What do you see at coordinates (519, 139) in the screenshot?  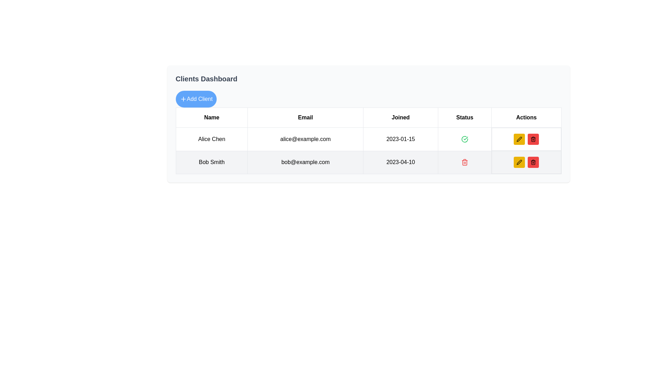 I see `the pen-shaped icon button located in the 'Actions' column of the second row of the table to possibly see a tooltip` at bounding box center [519, 139].